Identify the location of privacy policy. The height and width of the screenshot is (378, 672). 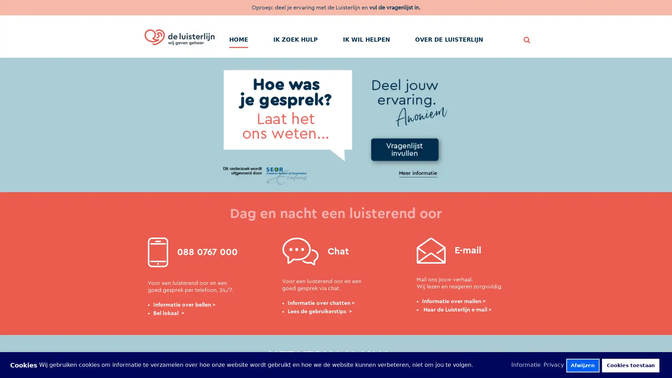
(553, 364).